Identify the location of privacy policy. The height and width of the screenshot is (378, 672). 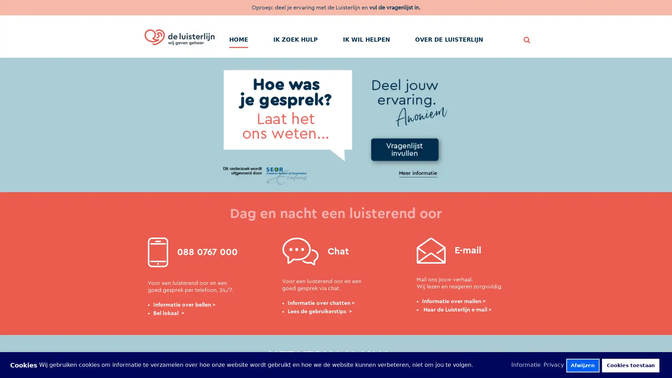
(553, 364).